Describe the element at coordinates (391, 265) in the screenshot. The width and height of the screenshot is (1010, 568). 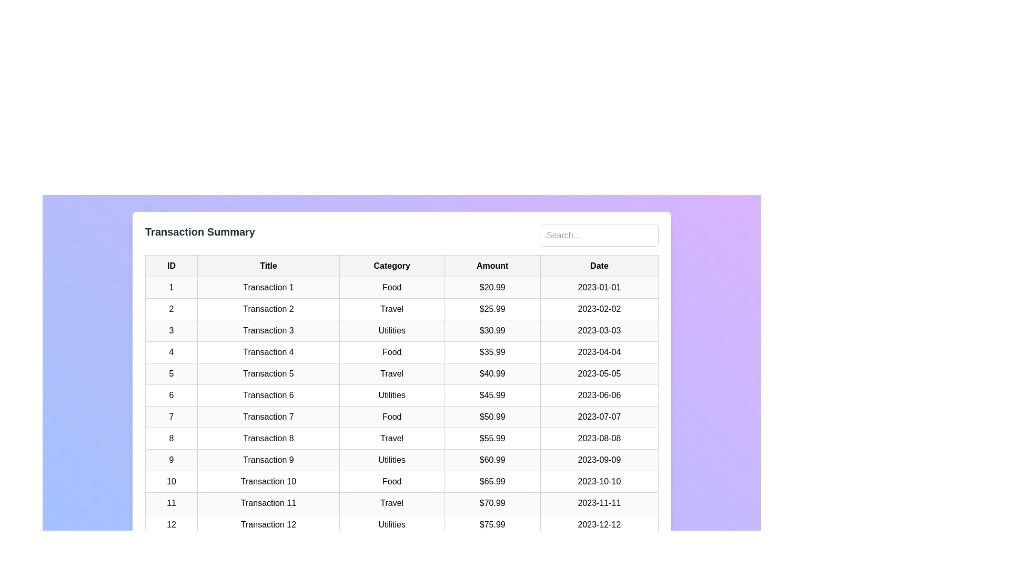
I see `the Category column header to sort the table` at that location.